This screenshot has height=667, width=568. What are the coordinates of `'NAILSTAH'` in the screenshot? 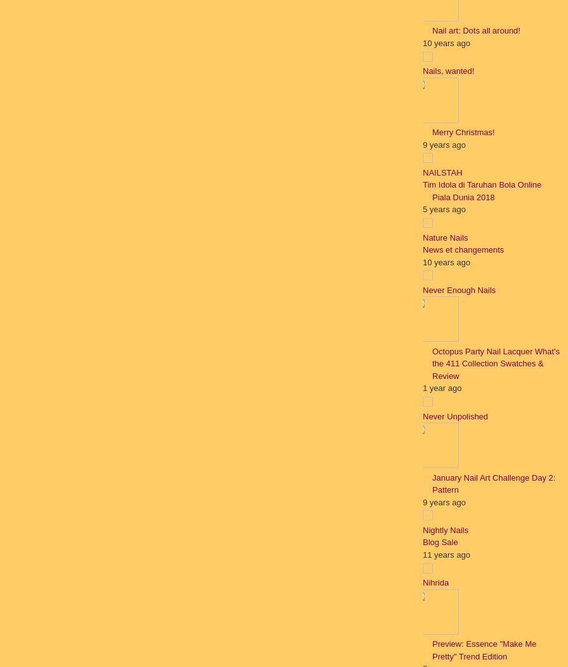 It's located at (442, 172).